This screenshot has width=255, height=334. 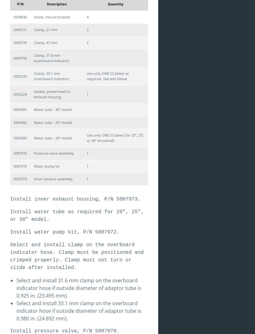 I want to click on 'Water tube - 20” model', so click(x=53, y=138).